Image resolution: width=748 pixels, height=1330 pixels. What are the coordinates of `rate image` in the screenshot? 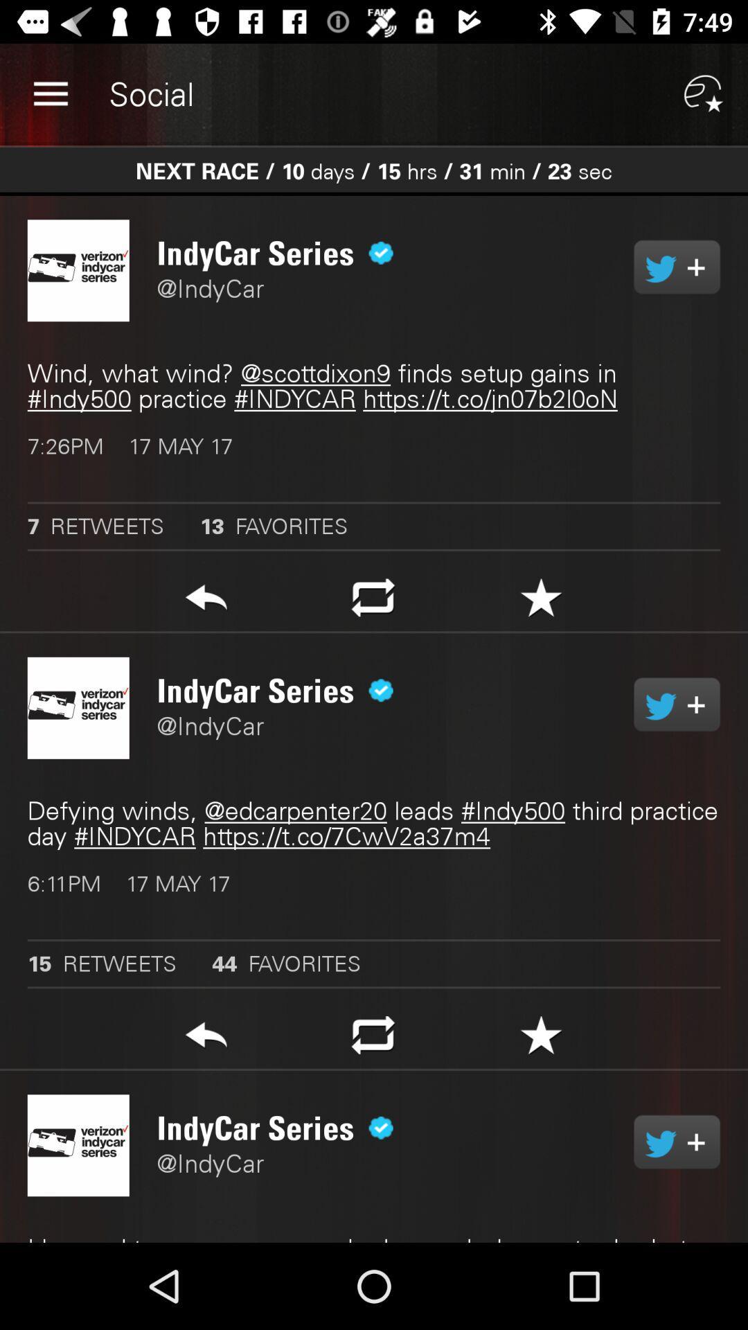 It's located at (540, 601).